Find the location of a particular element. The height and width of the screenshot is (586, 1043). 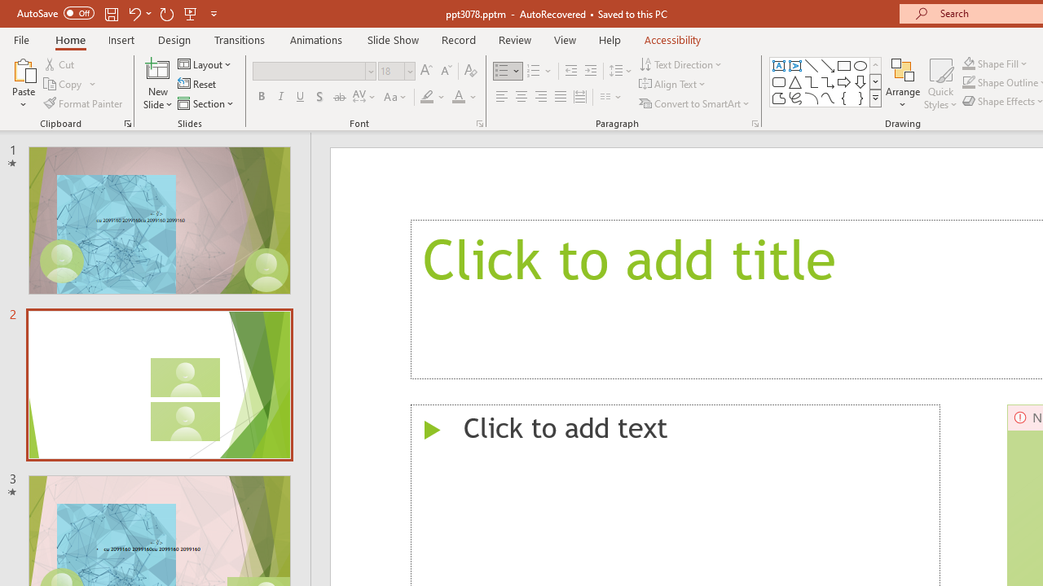

'Right Brace' is located at coordinates (860, 98).